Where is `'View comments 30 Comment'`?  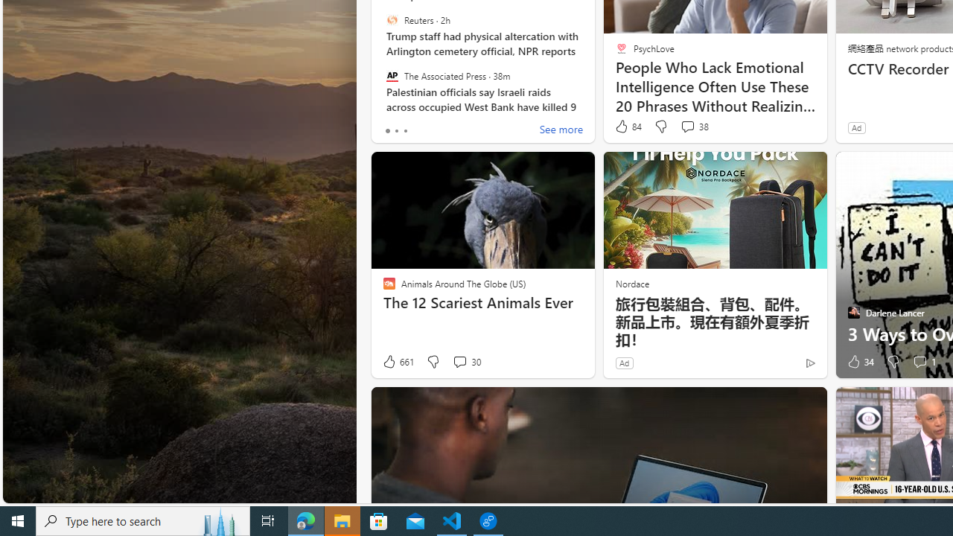 'View comments 30 Comment' is located at coordinates (459, 362).